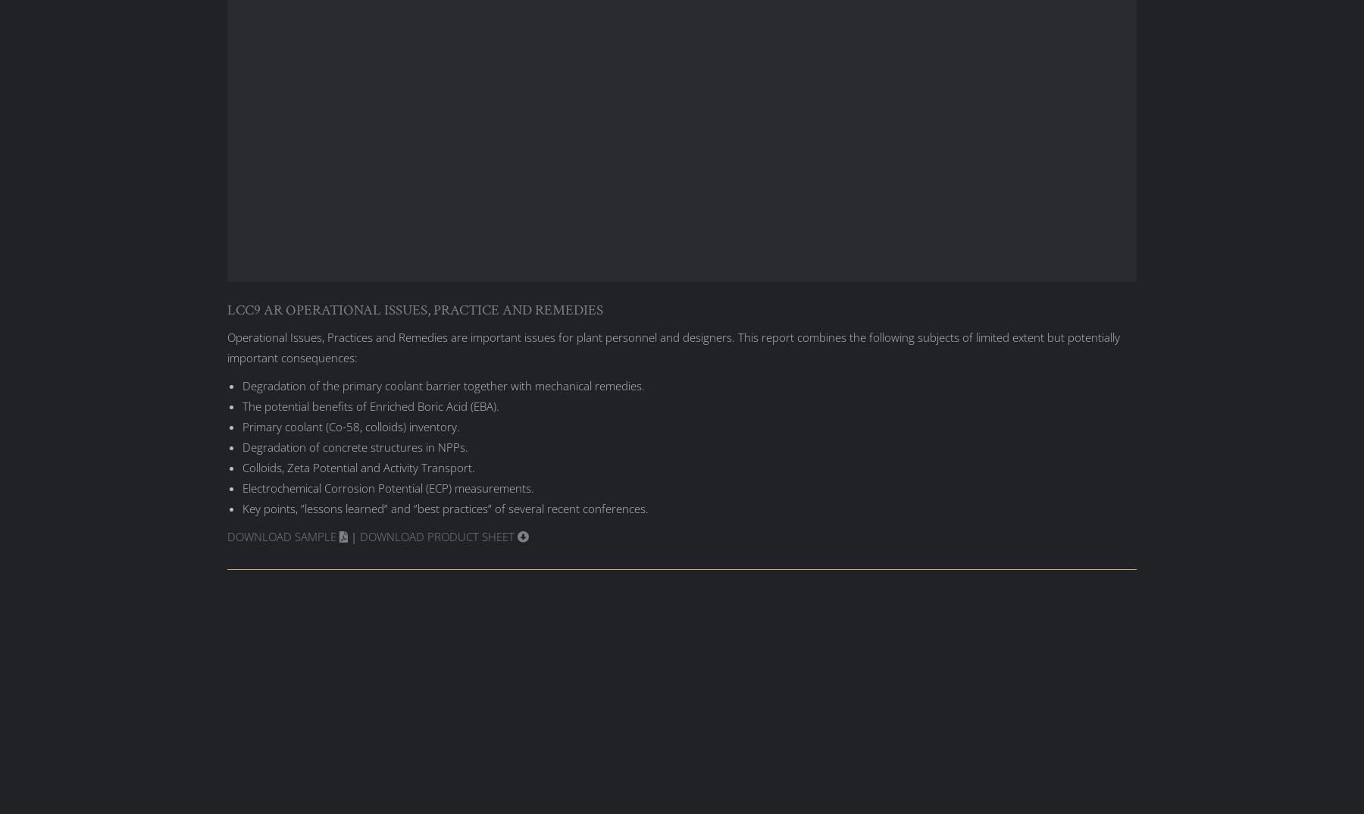 The width and height of the screenshot is (1364, 814). What do you see at coordinates (242, 425) in the screenshot?
I see `'Primary coolant (Co-58, colloids) inventory.'` at bounding box center [242, 425].